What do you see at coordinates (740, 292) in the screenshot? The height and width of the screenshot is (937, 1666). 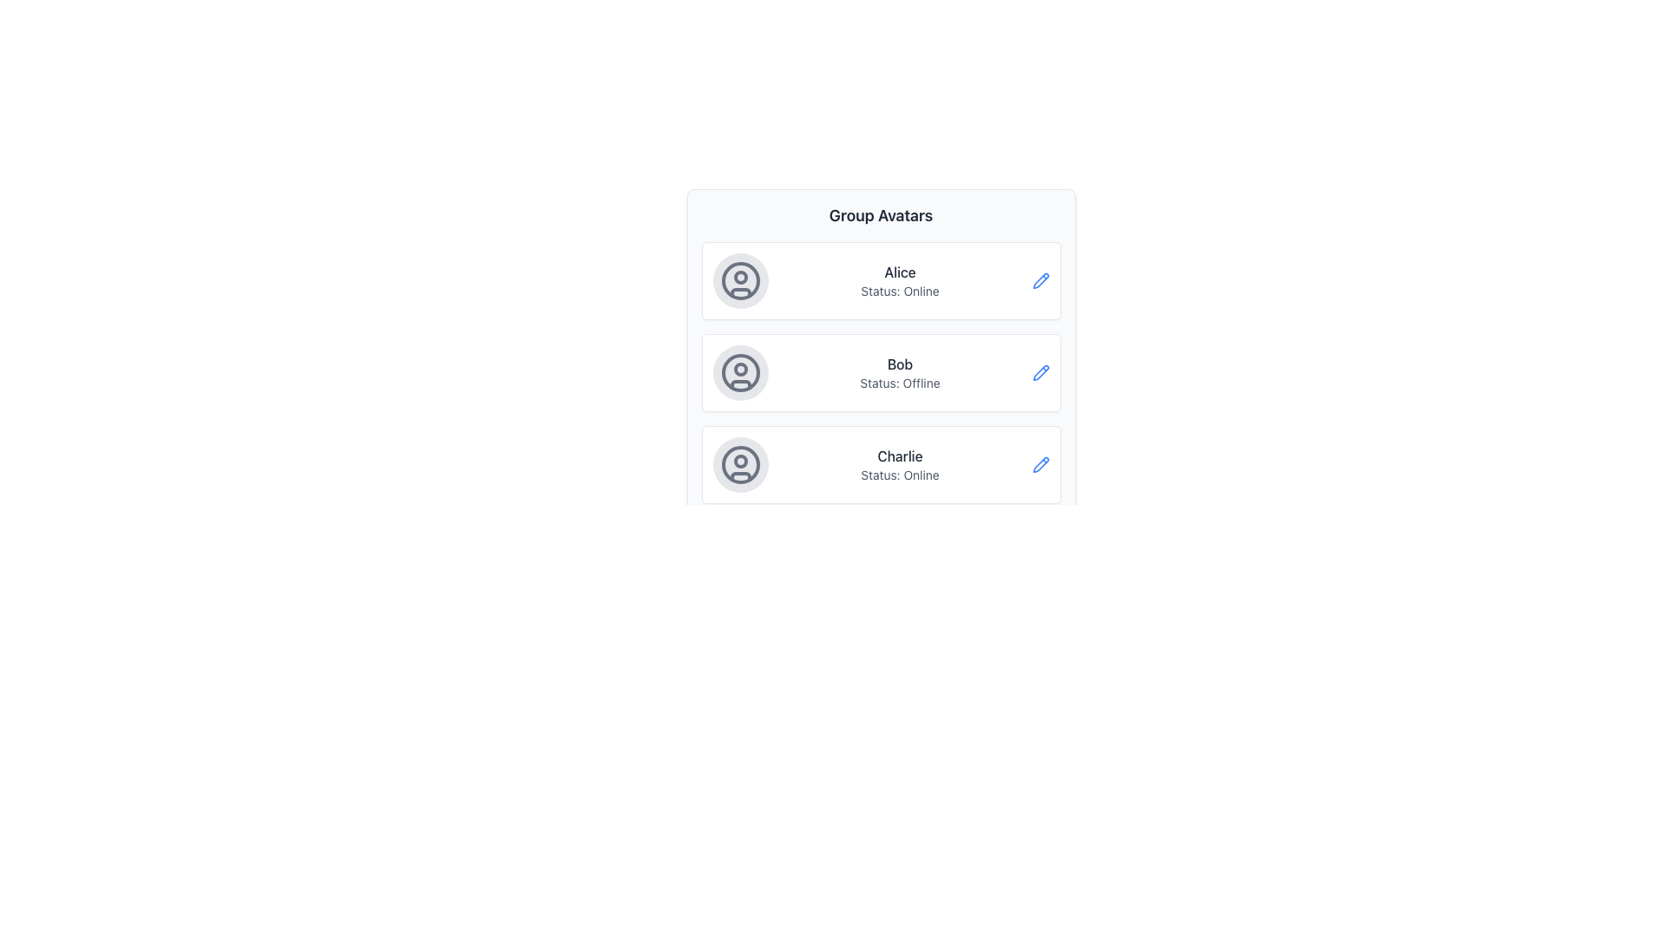 I see `the semi-oval shape representing the lower body of the user avatar for 'Alice' in the 'Group Avatars' list` at bounding box center [740, 292].